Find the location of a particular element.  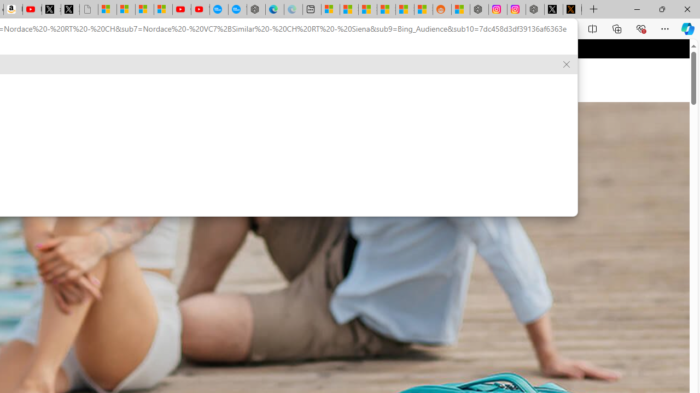

'Shanghai, China hourly forecast | Microsoft Weather' is located at coordinates (367, 9).